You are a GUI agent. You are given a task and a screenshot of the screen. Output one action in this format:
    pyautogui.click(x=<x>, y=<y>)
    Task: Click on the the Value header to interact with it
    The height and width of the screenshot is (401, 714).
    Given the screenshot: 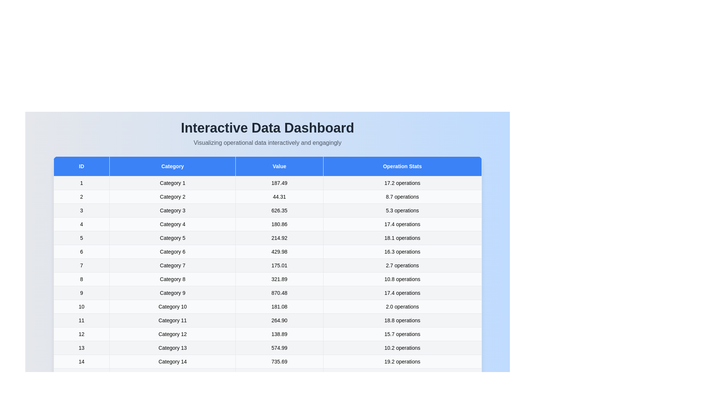 What is the action you would take?
    pyautogui.click(x=279, y=166)
    